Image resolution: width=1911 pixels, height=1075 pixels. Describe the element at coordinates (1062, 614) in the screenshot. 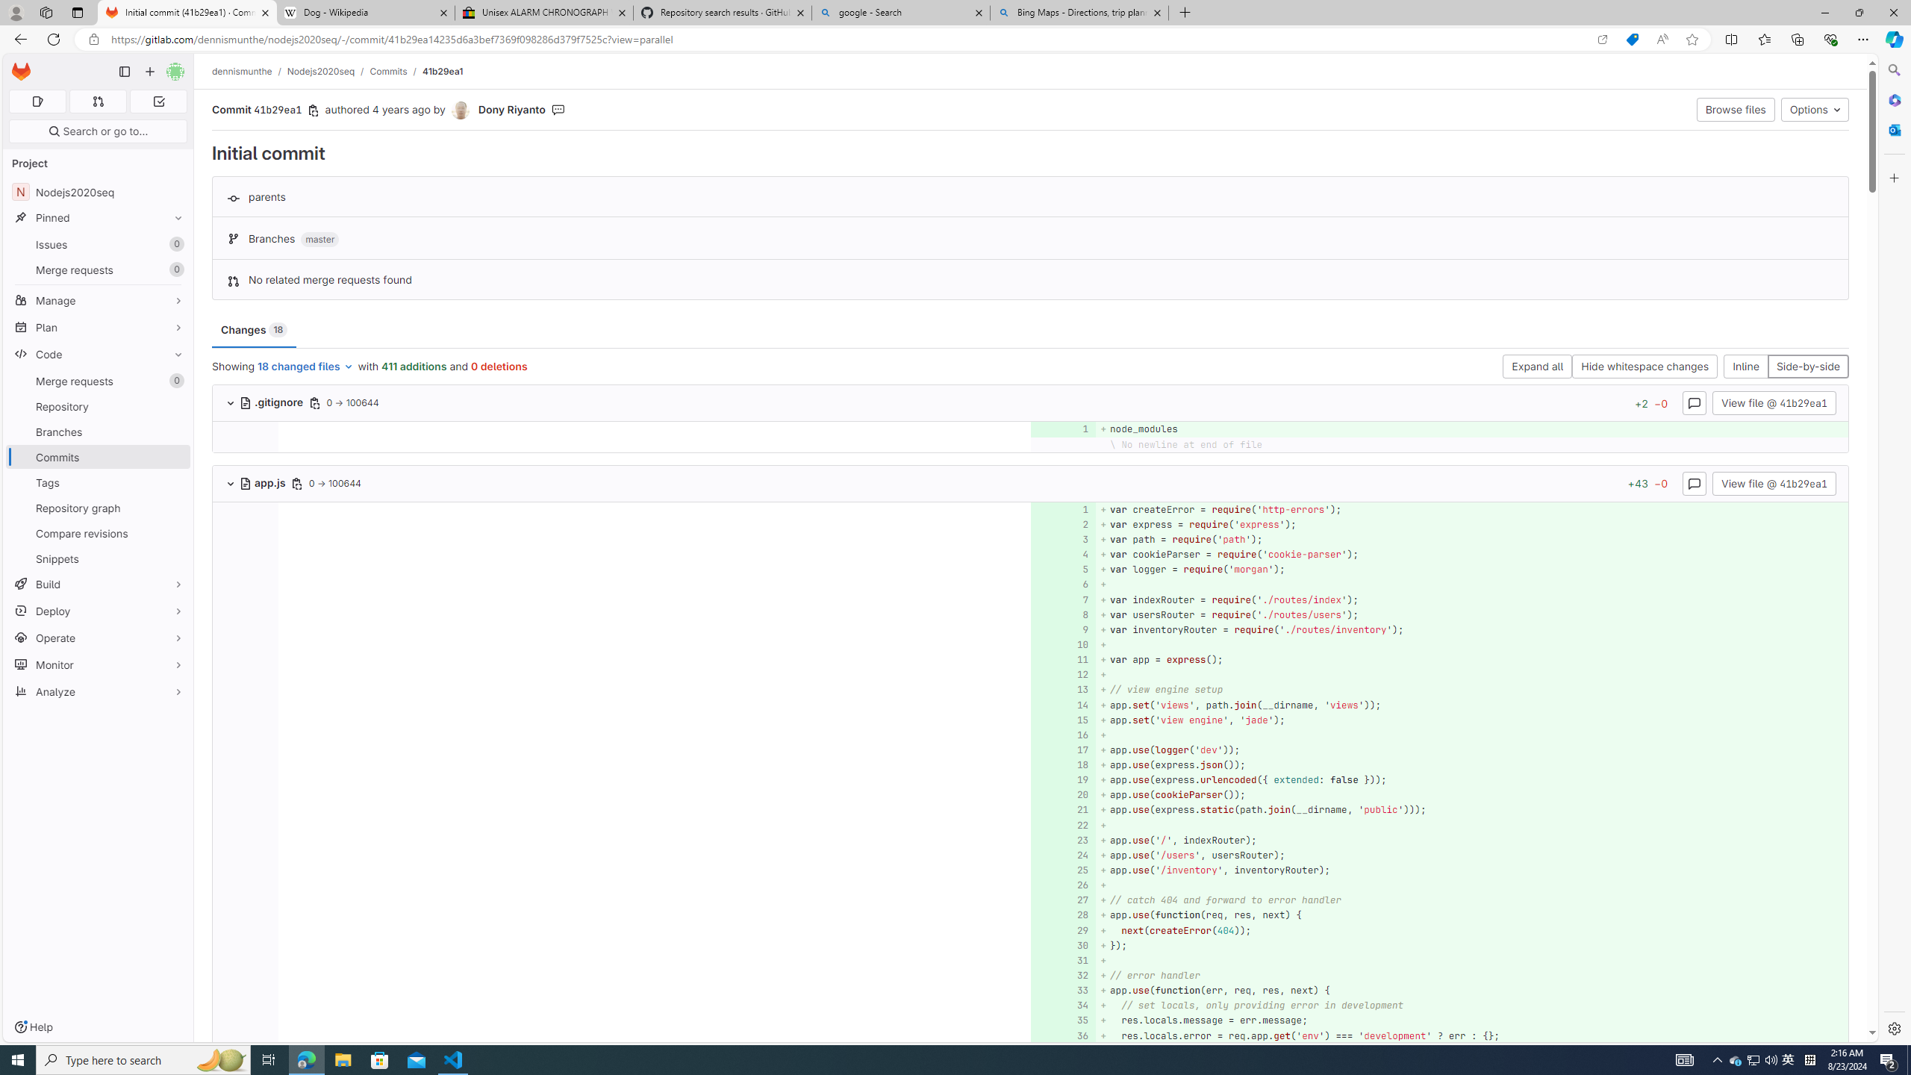

I see `'Add a comment to this line 8'` at that location.